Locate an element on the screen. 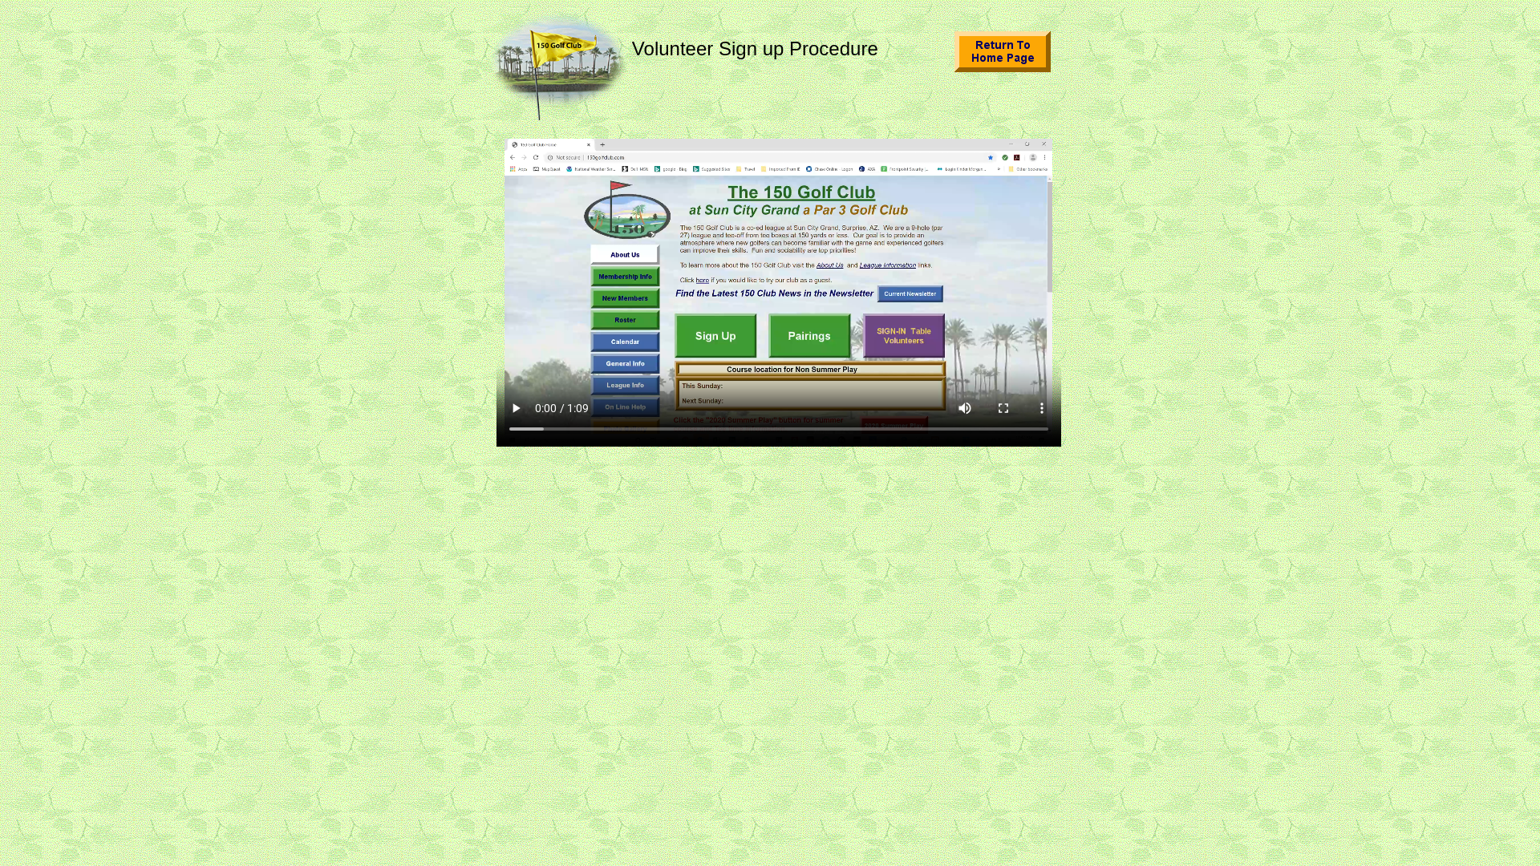 Image resolution: width=1540 pixels, height=866 pixels. 'Home Page' is located at coordinates (1001, 51).